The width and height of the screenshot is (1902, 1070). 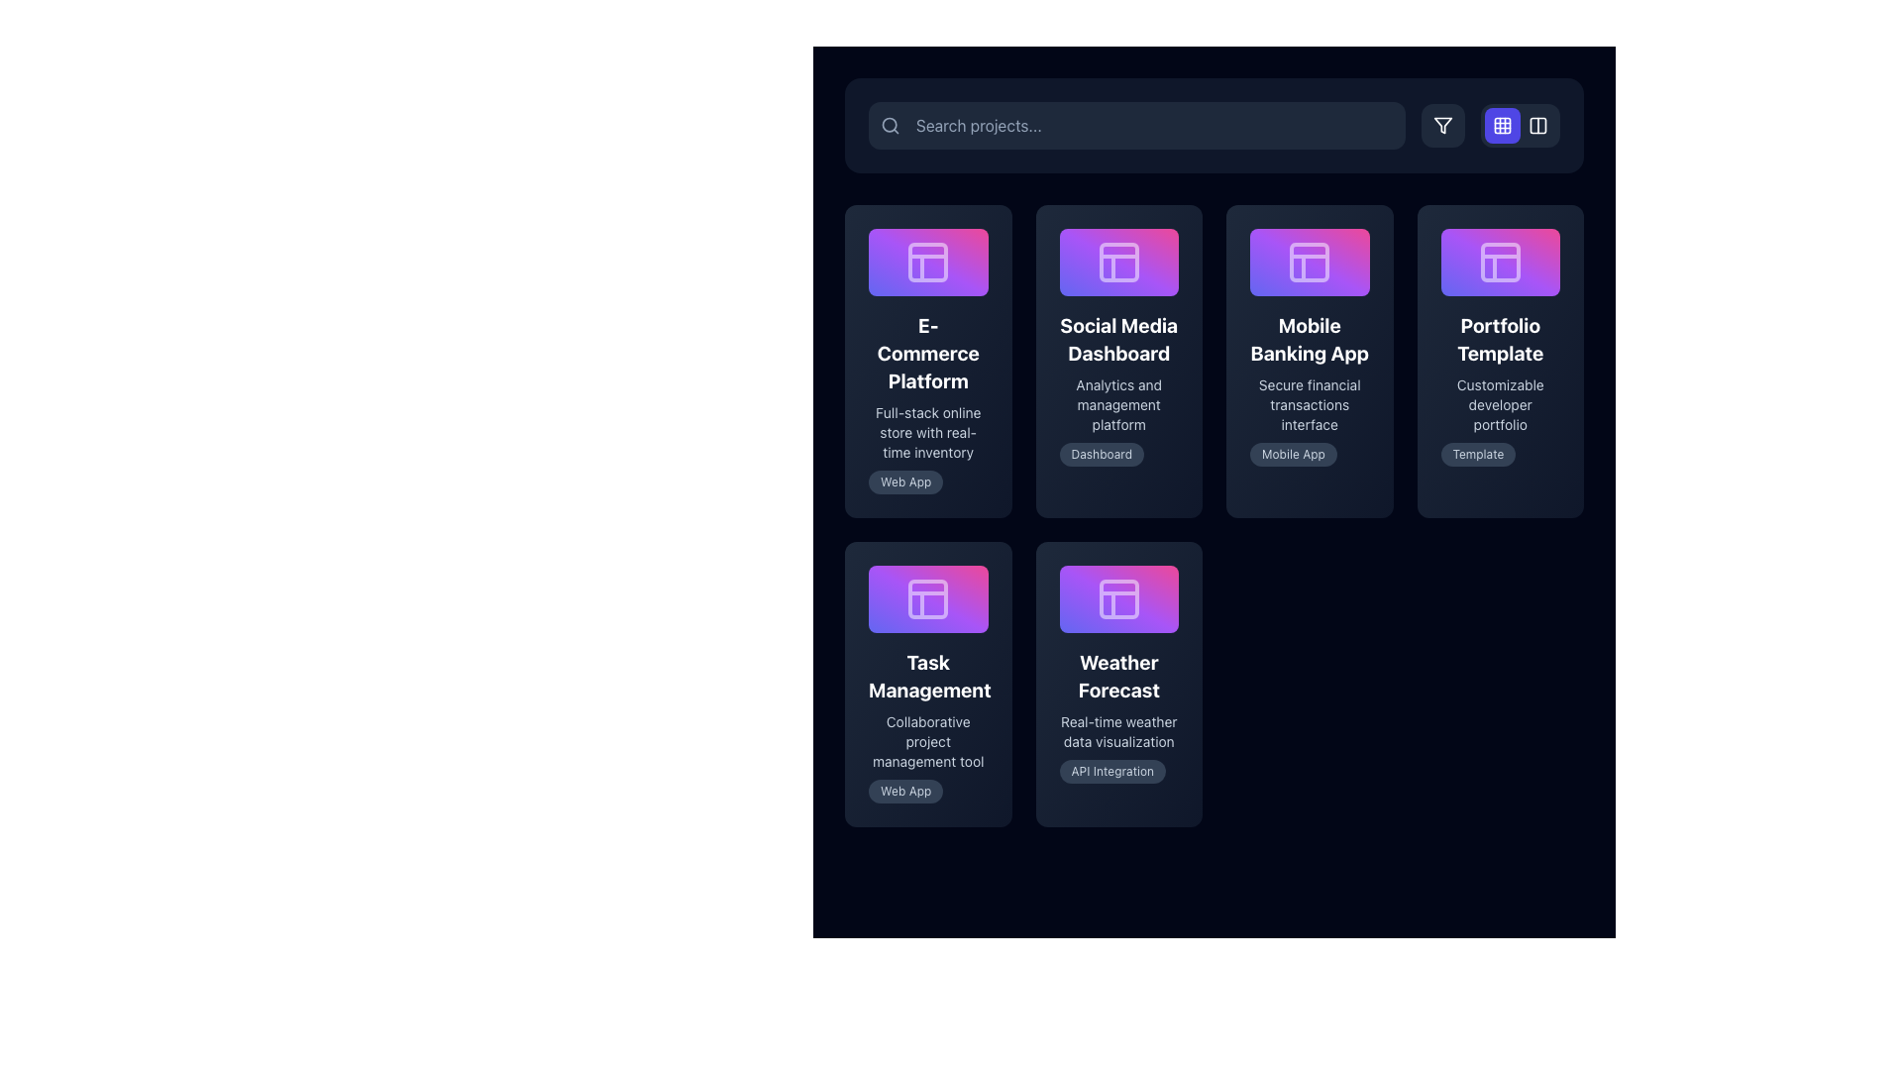 What do you see at coordinates (927, 352) in the screenshot?
I see `and comprehend the displayed text 'E-Commerce Platform' which is styled in bold, extra-large white font against a dark background, located at the top-left of the card layout` at bounding box center [927, 352].